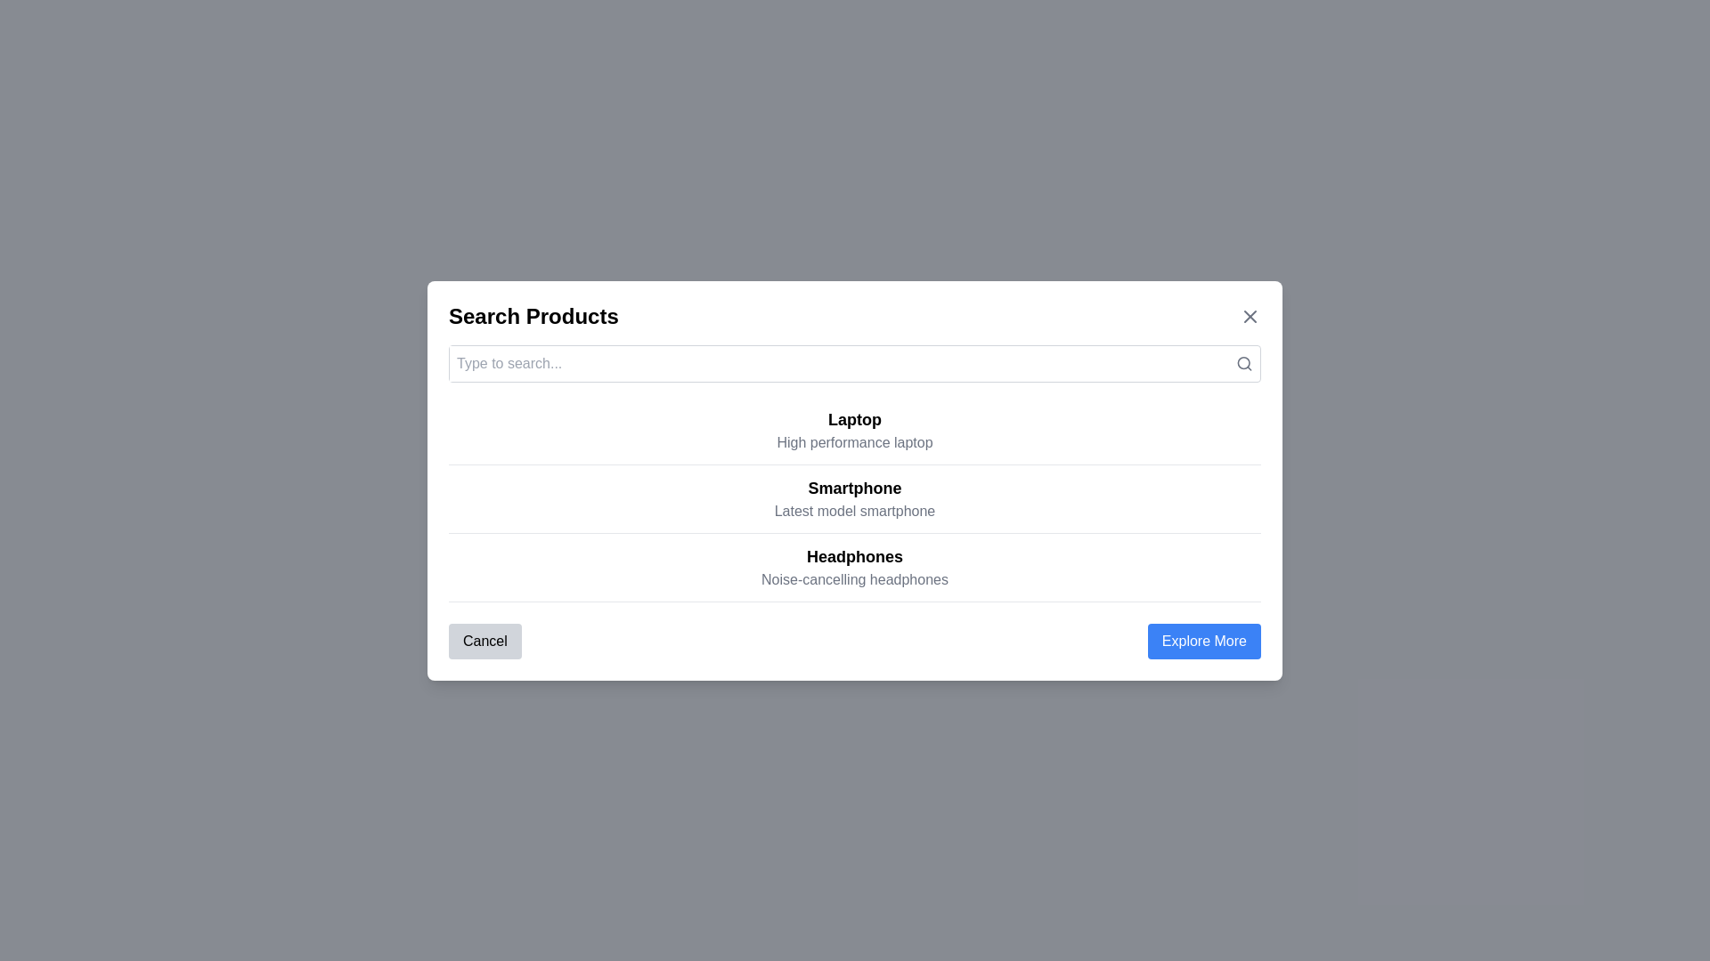 Image resolution: width=1710 pixels, height=961 pixels. Describe the element at coordinates (1204, 641) in the screenshot. I see `the button located in the bottom-right corner of the dialog box, to the right of the 'Cancel' button` at that location.